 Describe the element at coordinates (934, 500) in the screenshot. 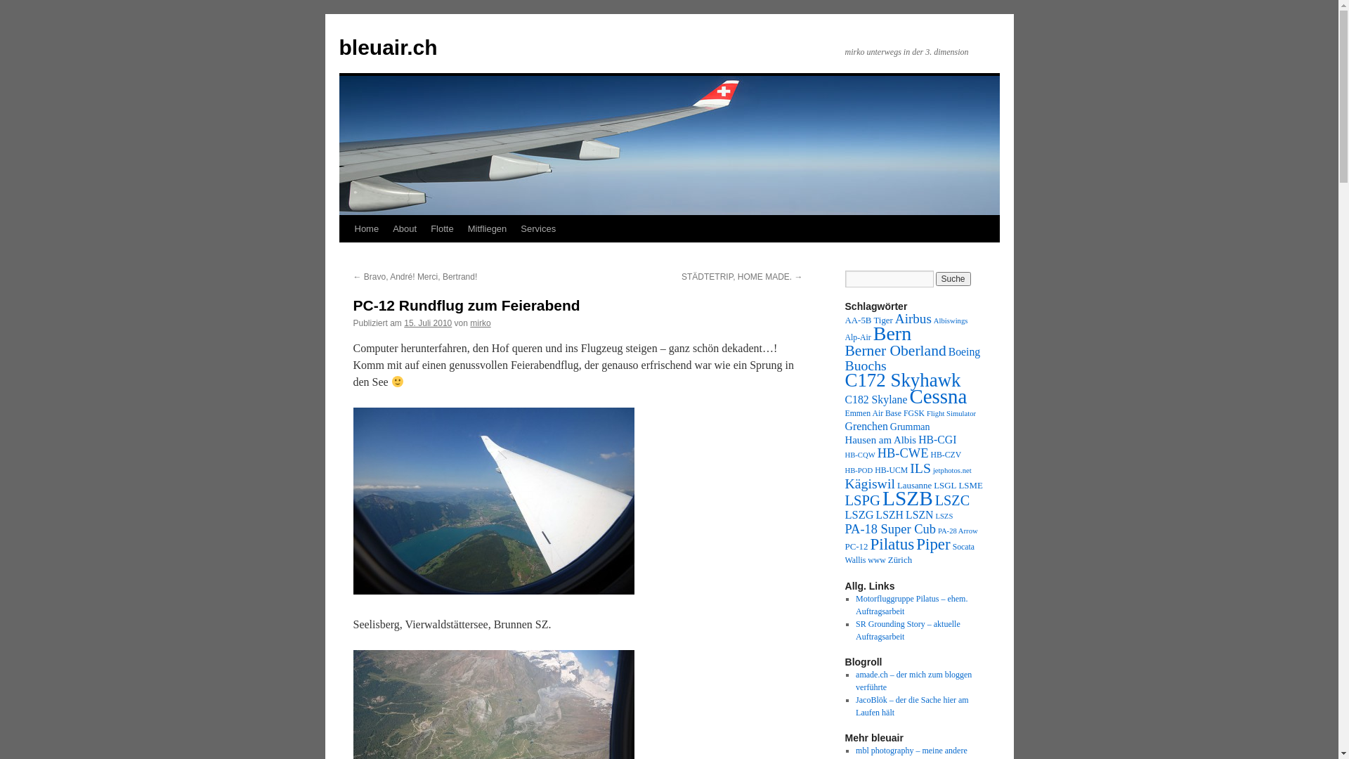

I see `'LSZC'` at that location.